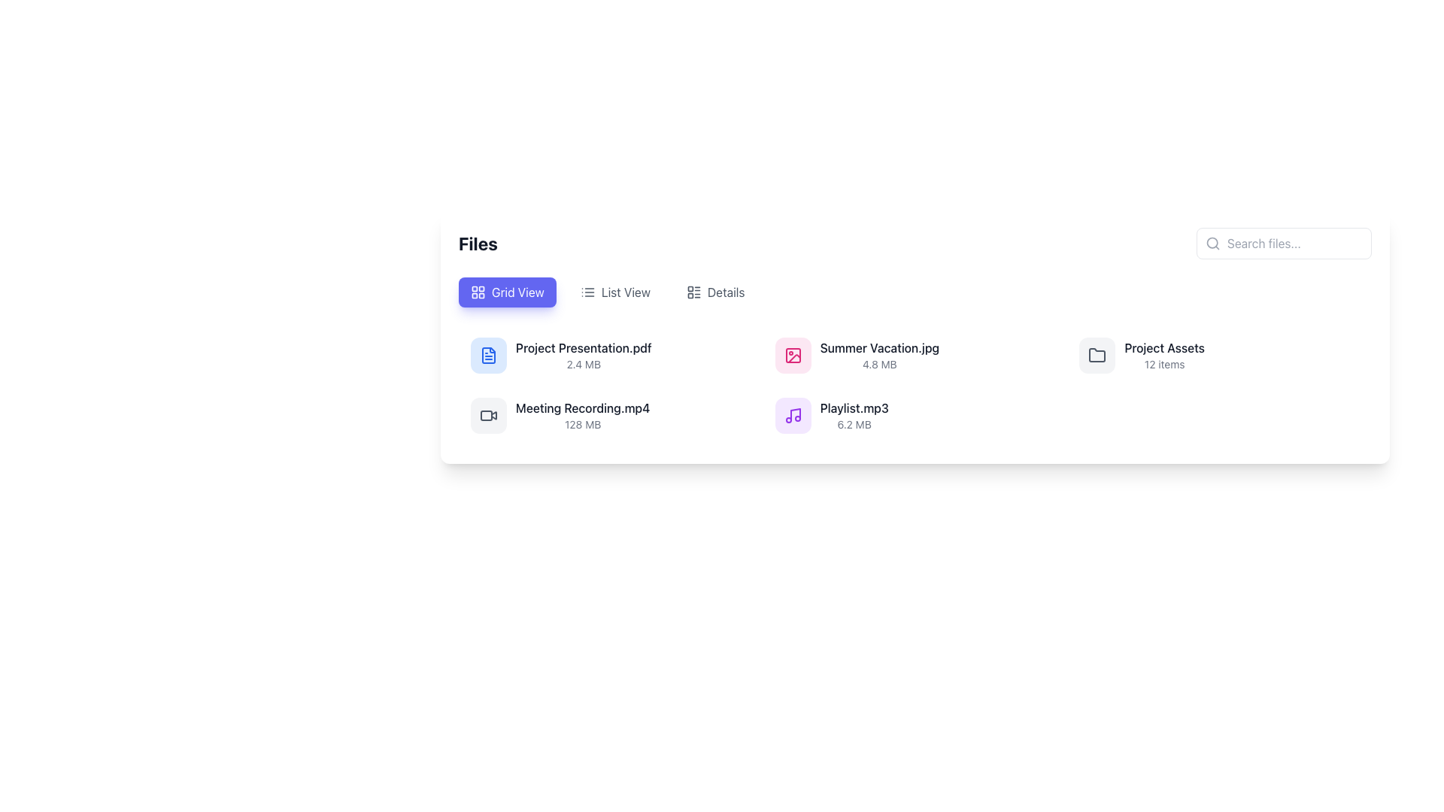 This screenshot has width=1444, height=812. What do you see at coordinates (582, 424) in the screenshot?
I see `text label displaying '128 MB', which is styled in gray and located below the filename 'Meeting Recording.mp4' in the second row of the file management interface` at bounding box center [582, 424].